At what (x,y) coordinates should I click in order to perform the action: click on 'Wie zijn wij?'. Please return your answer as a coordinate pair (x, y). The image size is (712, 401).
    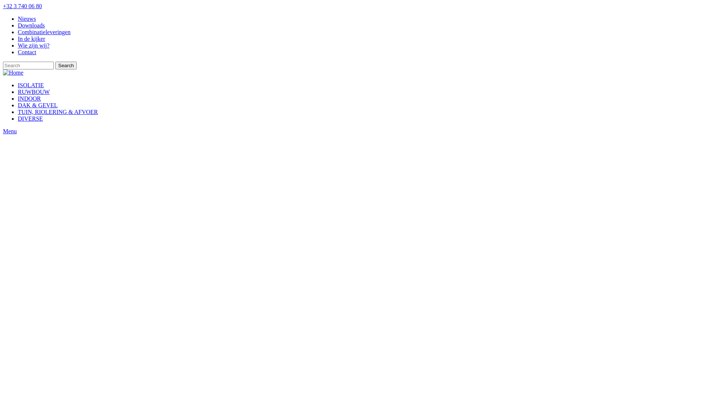
    Looking at the image, I should click on (33, 45).